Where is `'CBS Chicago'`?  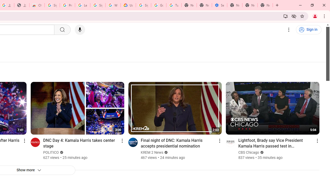 'CBS Chicago' is located at coordinates (249, 152).